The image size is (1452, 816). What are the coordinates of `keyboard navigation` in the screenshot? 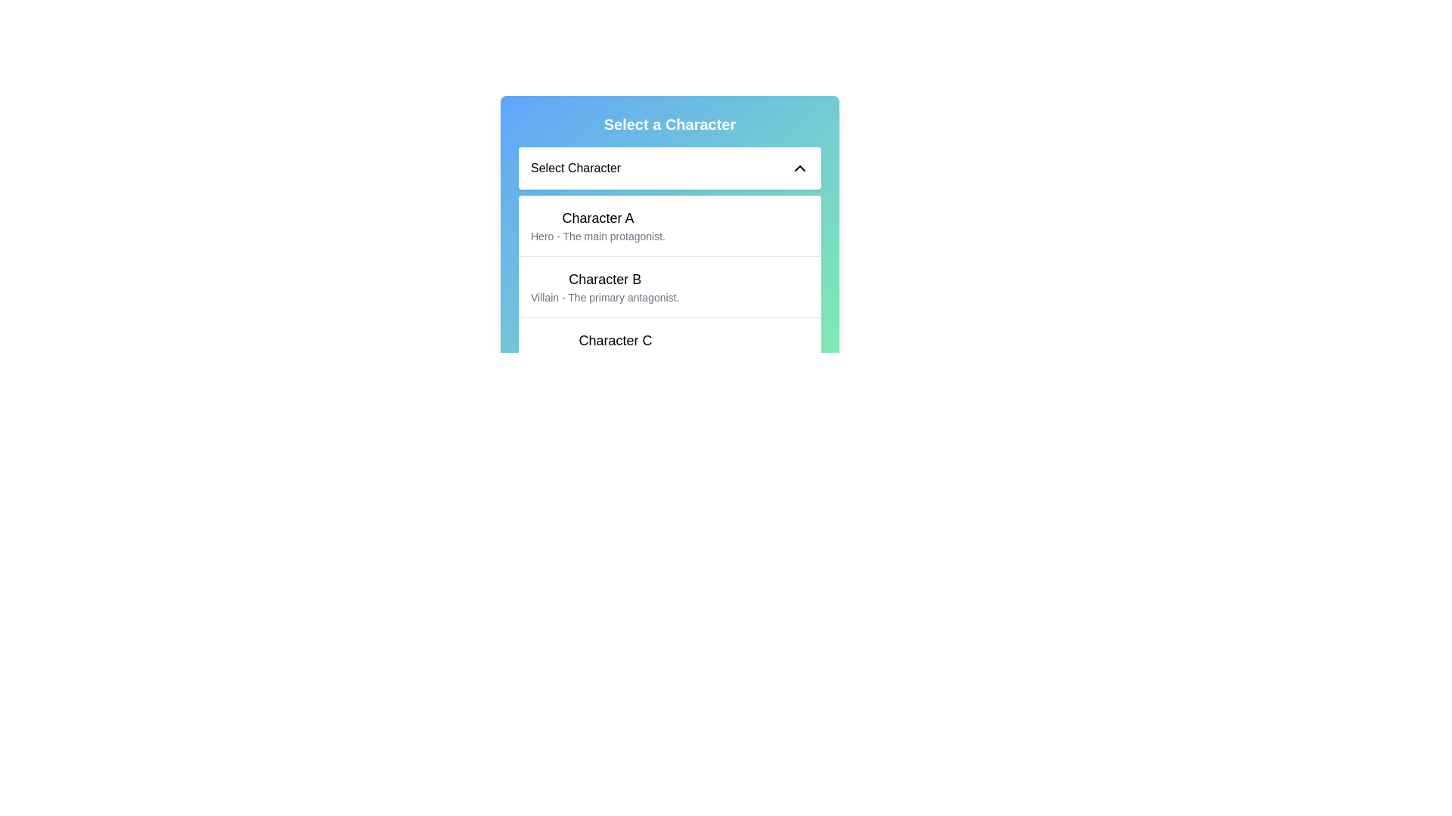 It's located at (669, 246).